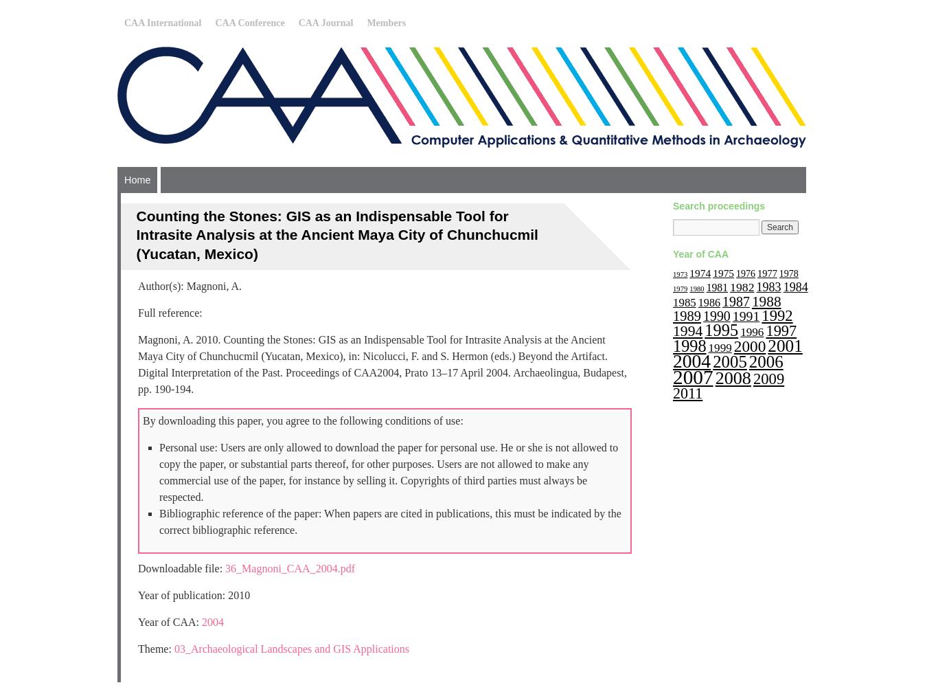 The height and width of the screenshot is (696, 938). I want to click on '2000', so click(748, 345).